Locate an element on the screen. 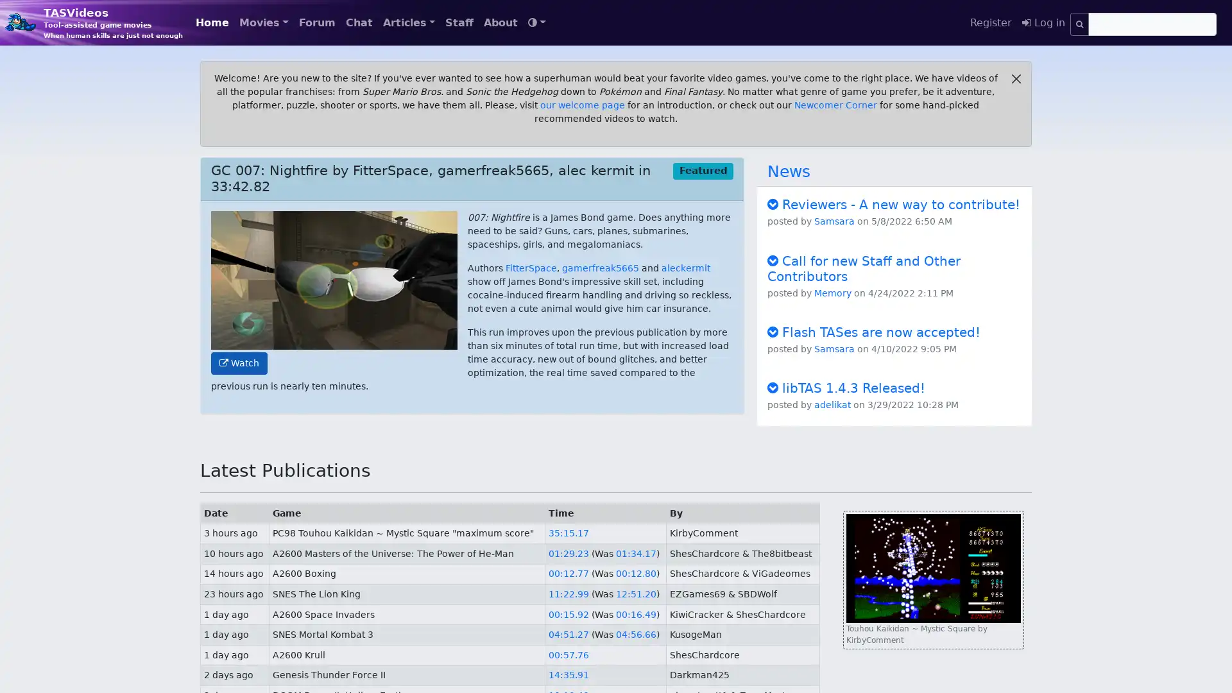  close is located at coordinates (1016, 79).